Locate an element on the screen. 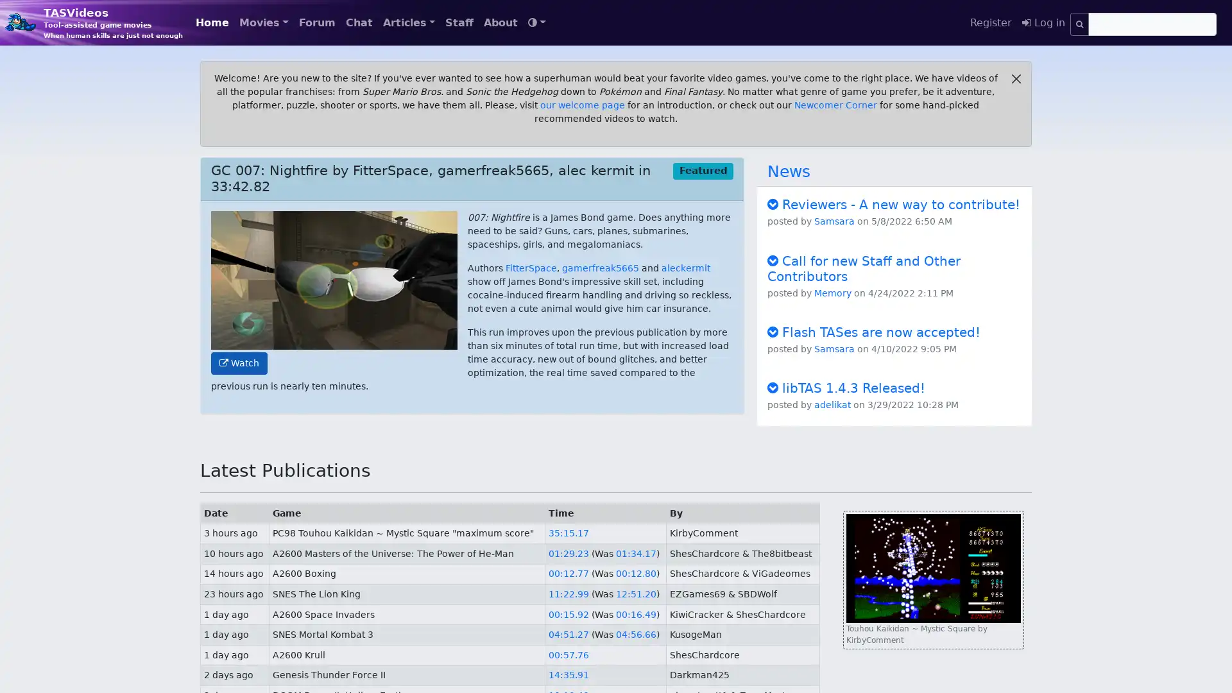  close is located at coordinates (1016, 79).